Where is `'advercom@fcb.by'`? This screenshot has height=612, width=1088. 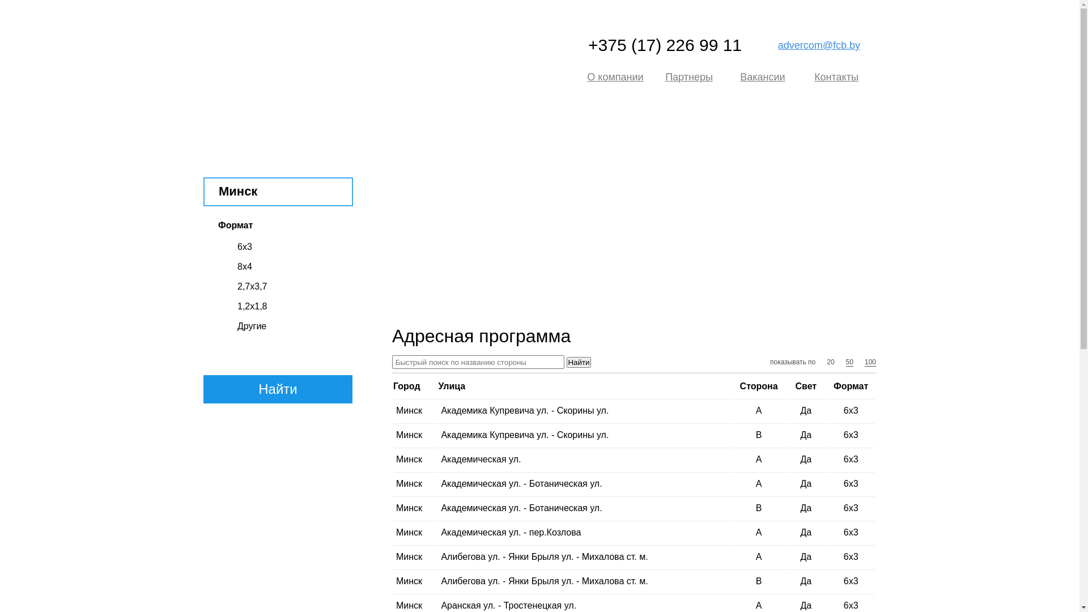 'advercom@fcb.by' is located at coordinates (819, 45).